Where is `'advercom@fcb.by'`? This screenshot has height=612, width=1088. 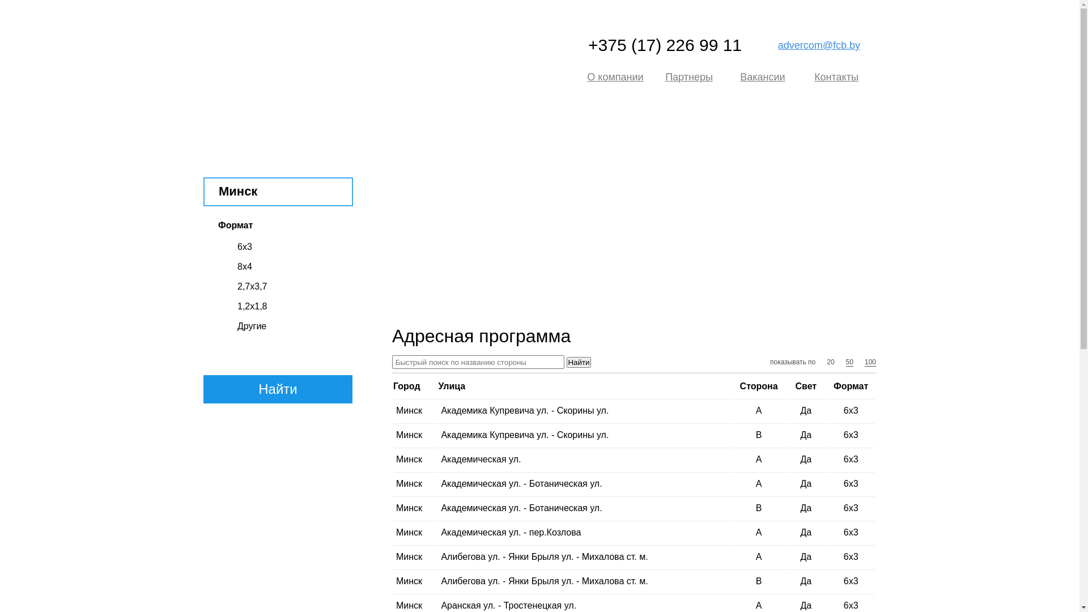 'advercom@fcb.by' is located at coordinates (819, 45).